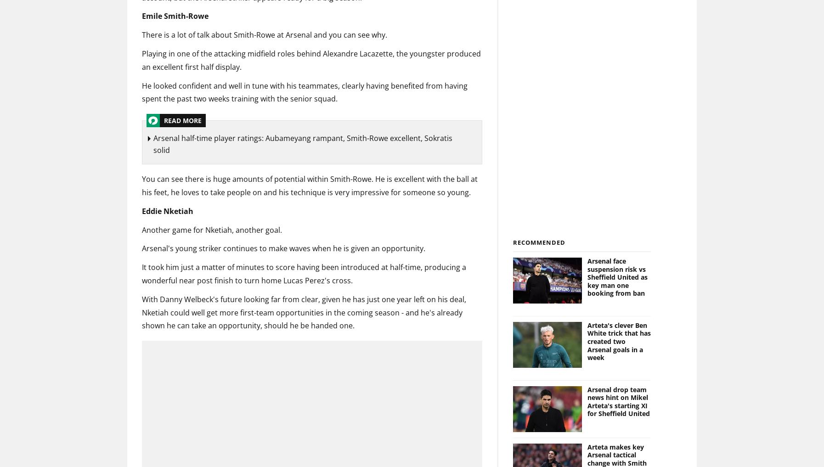 The width and height of the screenshot is (824, 467). What do you see at coordinates (616, 276) in the screenshot?
I see `'Arsenal face suspension risk vs Sheffield United as key man one booking from ban'` at bounding box center [616, 276].